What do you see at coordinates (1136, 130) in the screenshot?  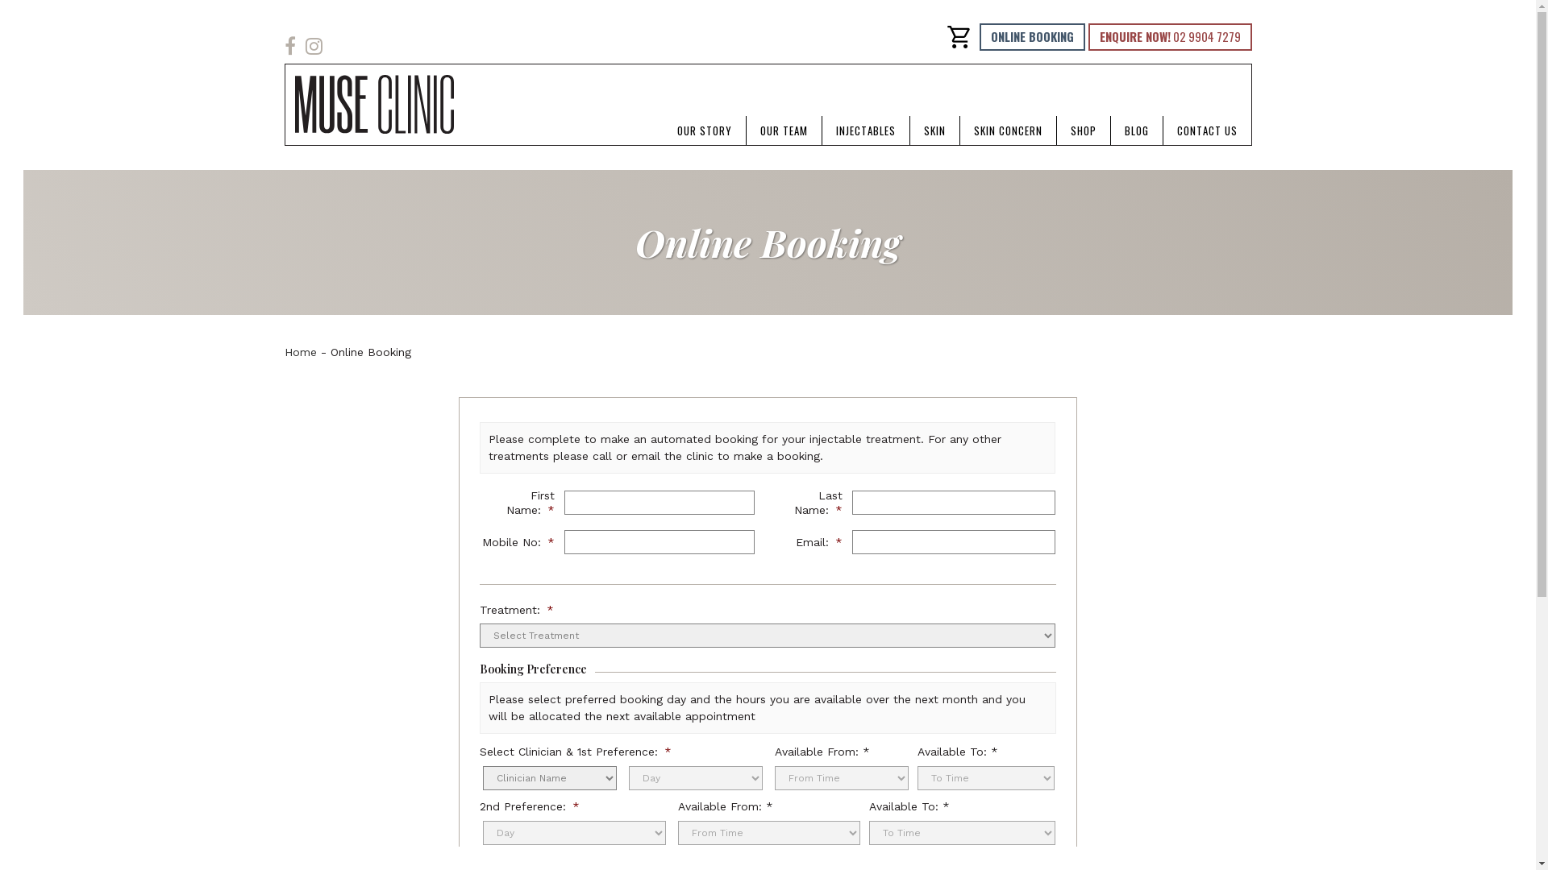 I see `'BLOG'` at bounding box center [1136, 130].